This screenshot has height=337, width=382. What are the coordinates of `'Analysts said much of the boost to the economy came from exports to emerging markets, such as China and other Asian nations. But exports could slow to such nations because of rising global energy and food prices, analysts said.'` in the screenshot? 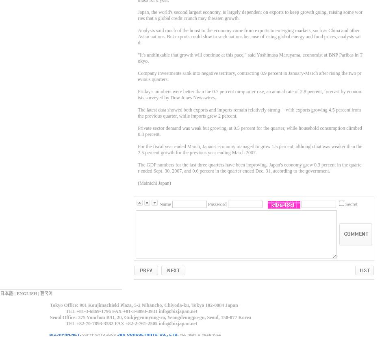 It's located at (248, 37).